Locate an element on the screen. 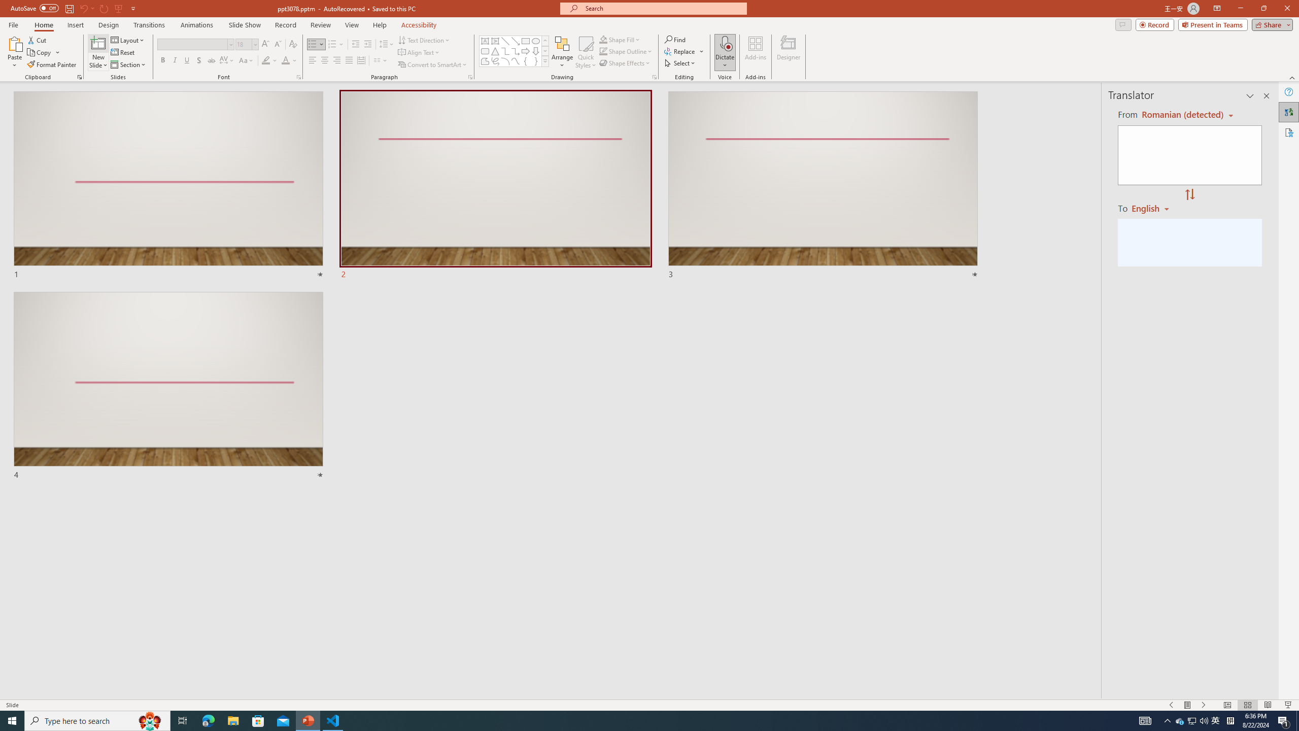 This screenshot has height=731, width=1299. 'Swap "from" and "to" languages.' is located at coordinates (1189, 194).